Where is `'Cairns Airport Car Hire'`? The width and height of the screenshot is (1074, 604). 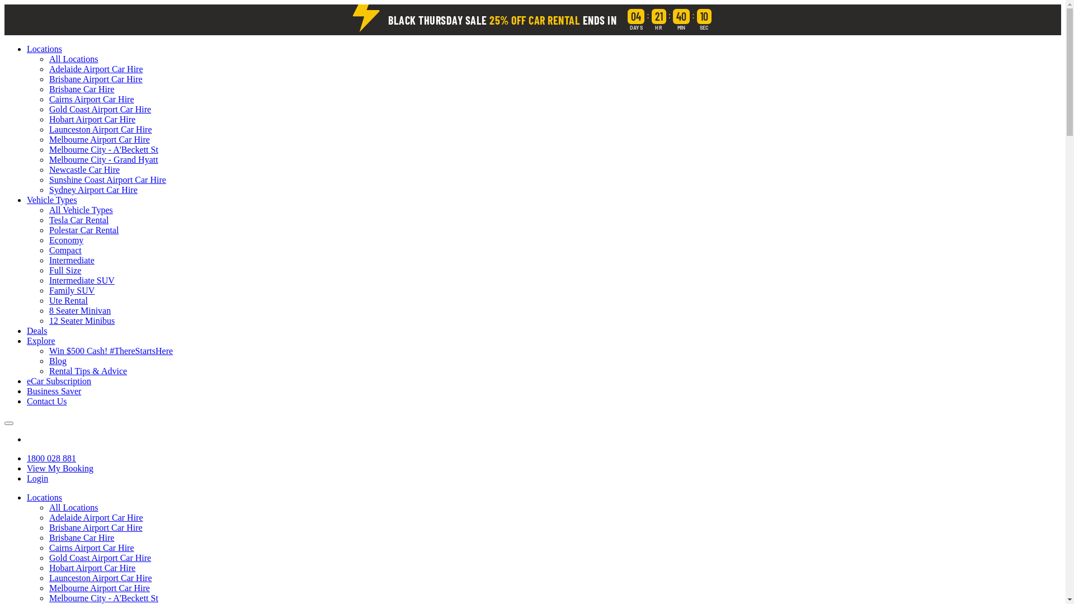
'Cairns Airport Car Hire' is located at coordinates (91, 547).